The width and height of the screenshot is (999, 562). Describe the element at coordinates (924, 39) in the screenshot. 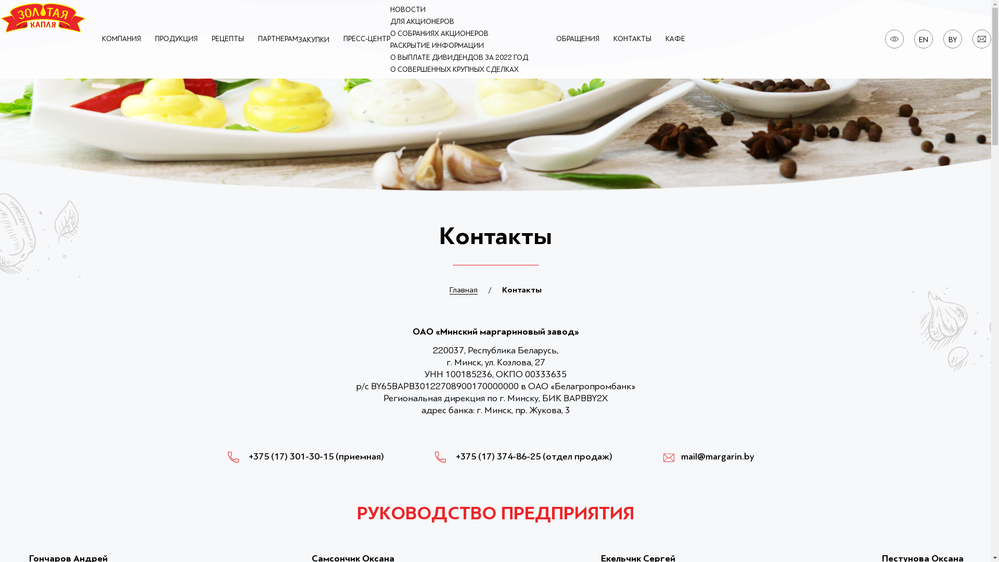

I see `'EN'` at that location.